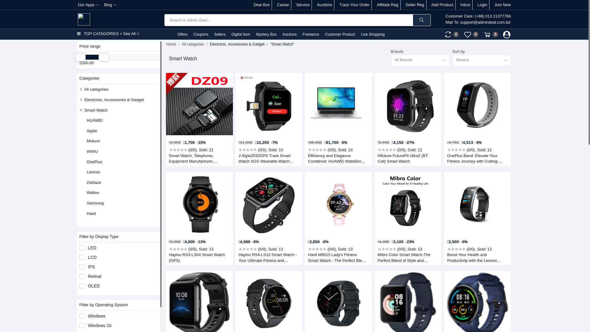 The width and height of the screenshot is (590, 332). What do you see at coordinates (277, 5) in the screenshot?
I see `'Career'` at bounding box center [277, 5].